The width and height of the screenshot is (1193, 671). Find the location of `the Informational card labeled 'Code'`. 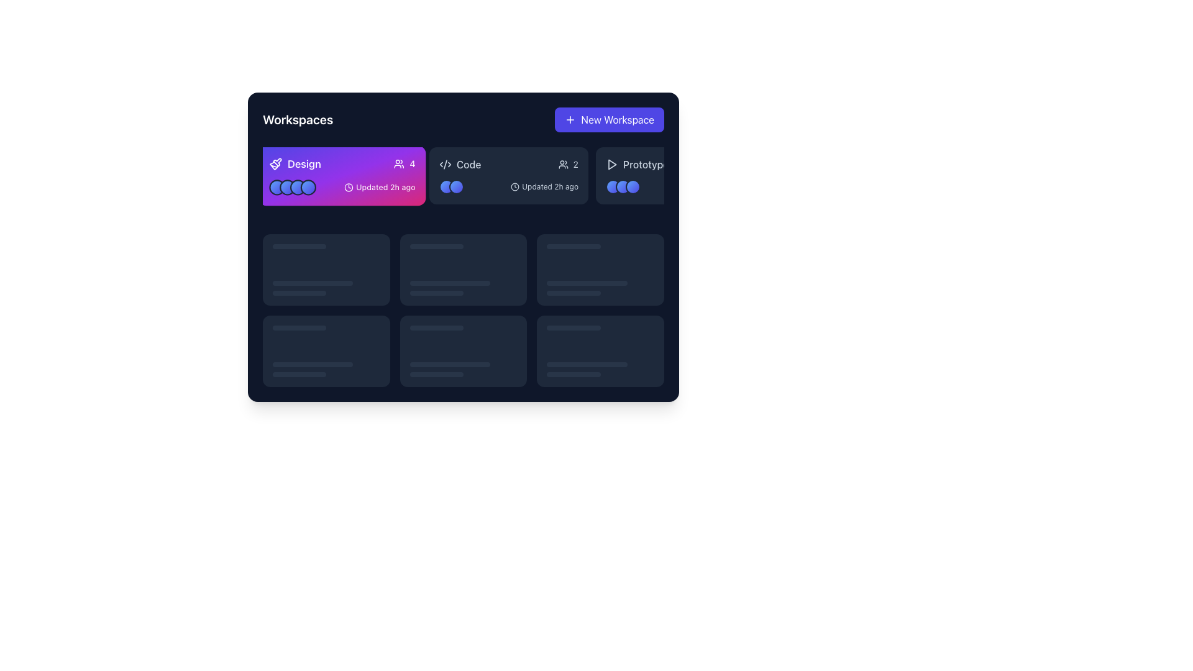

the Informational card labeled 'Code' is located at coordinates (509, 175).